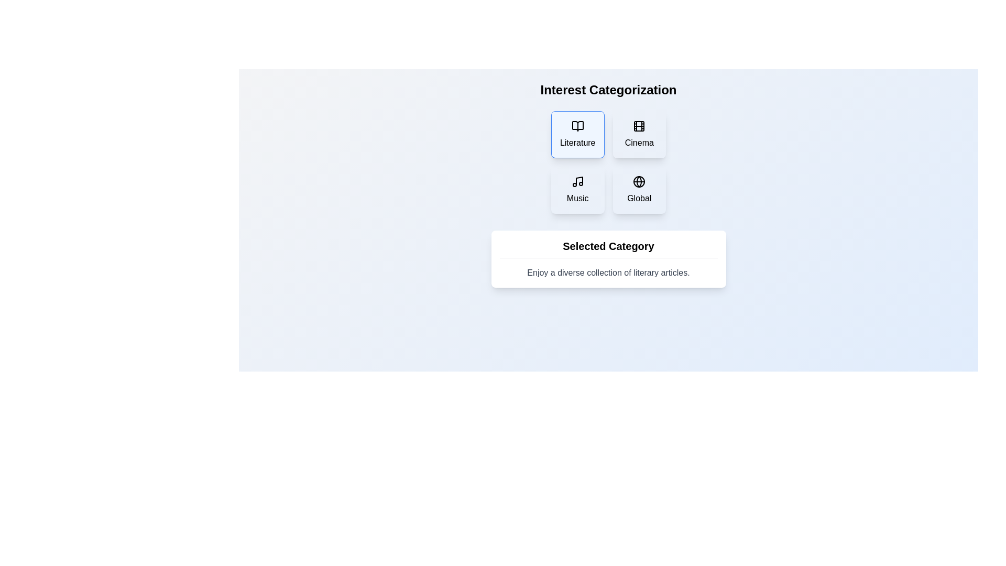  What do you see at coordinates (639, 134) in the screenshot?
I see `the 'Cinema' category button located in the top-right quadrant of the 2x2 grid layout` at bounding box center [639, 134].